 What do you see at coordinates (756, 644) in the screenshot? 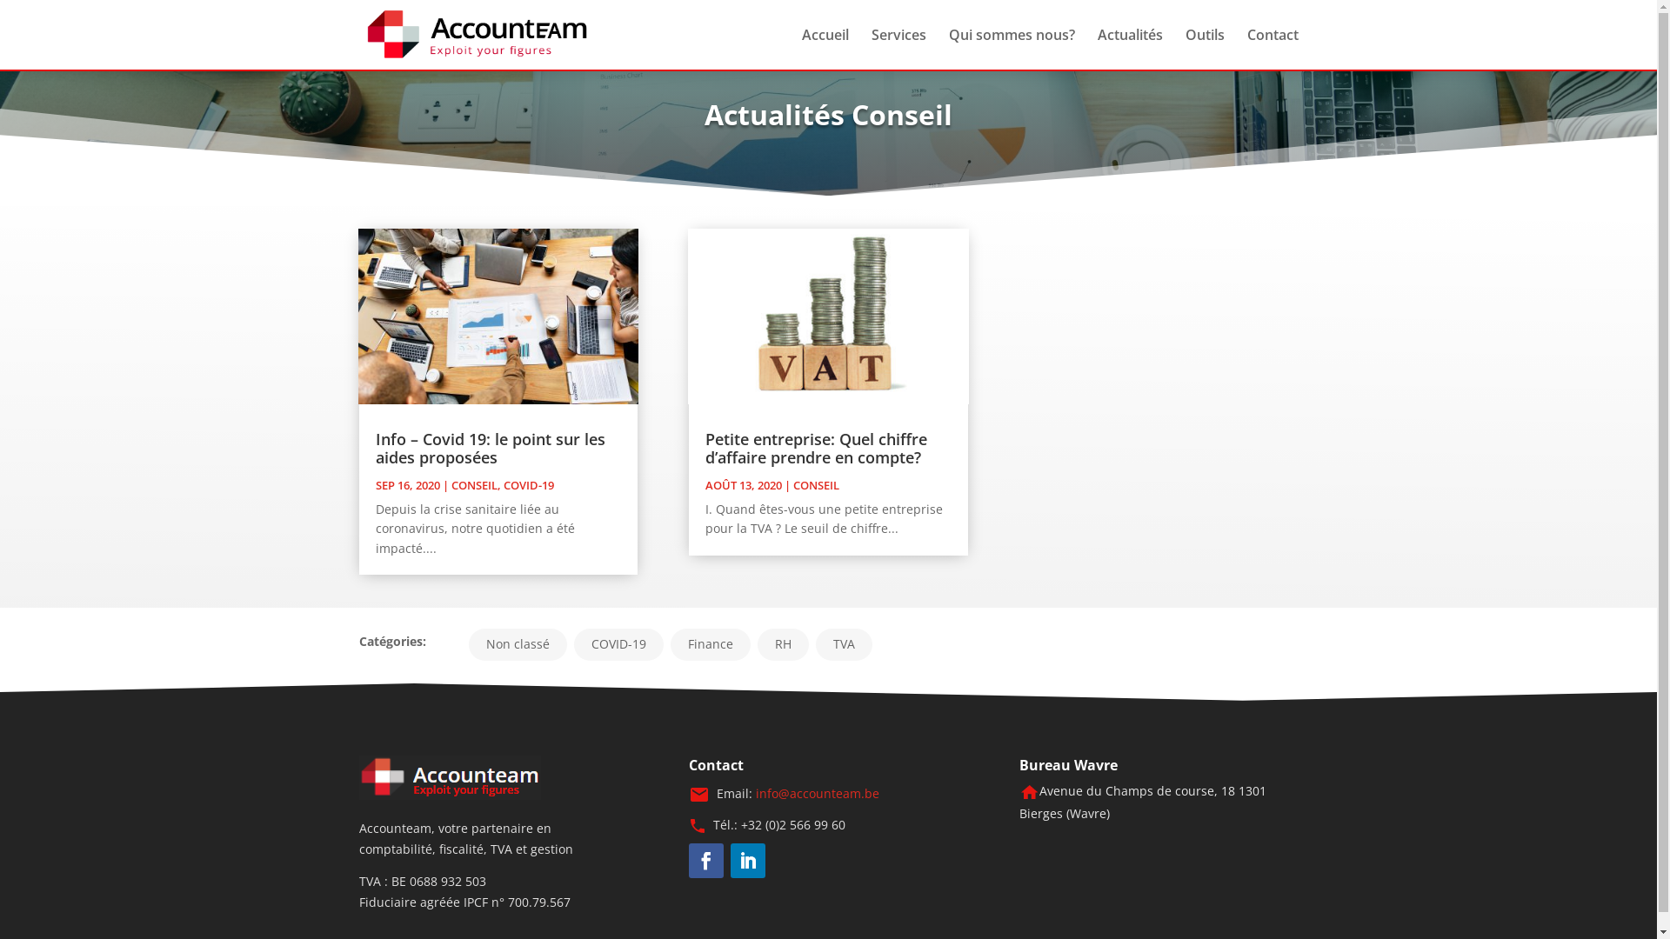
I see `'RH'` at bounding box center [756, 644].